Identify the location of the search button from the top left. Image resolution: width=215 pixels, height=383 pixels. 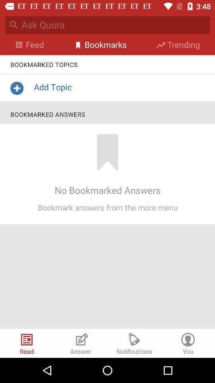
(13, 25).